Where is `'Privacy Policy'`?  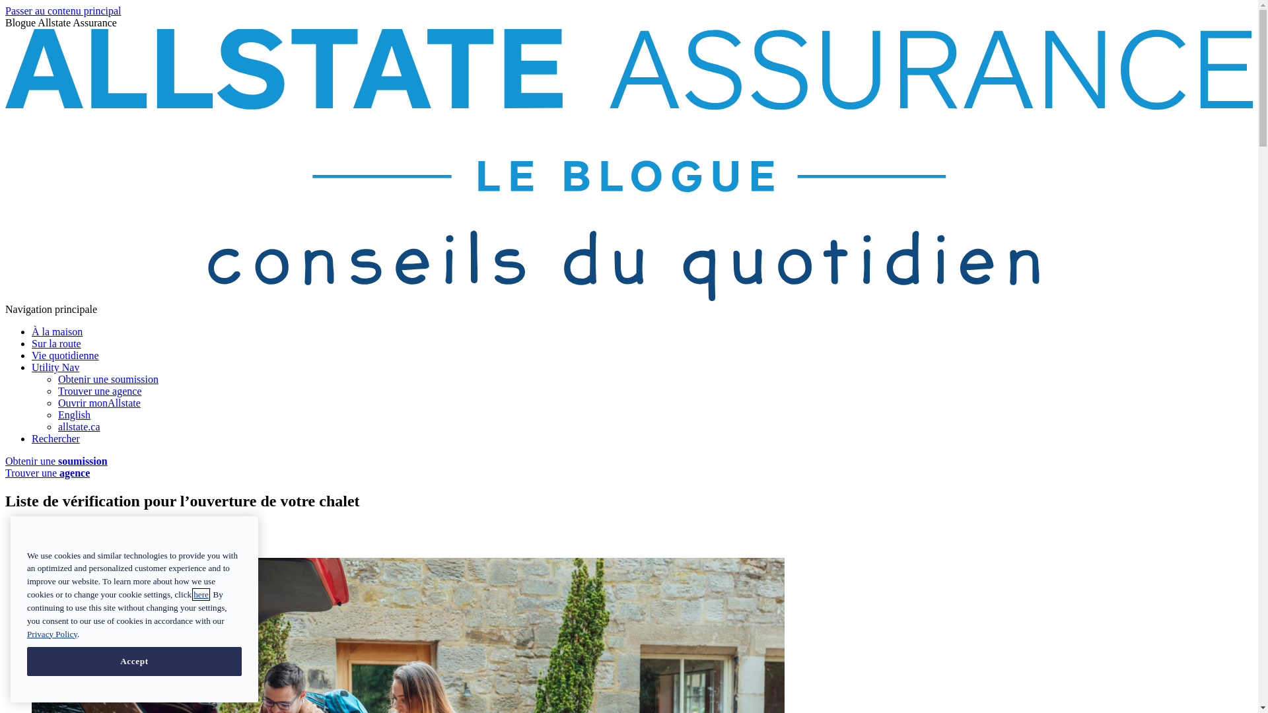 'Privacy Policy' is located at coordinates (52, 632).